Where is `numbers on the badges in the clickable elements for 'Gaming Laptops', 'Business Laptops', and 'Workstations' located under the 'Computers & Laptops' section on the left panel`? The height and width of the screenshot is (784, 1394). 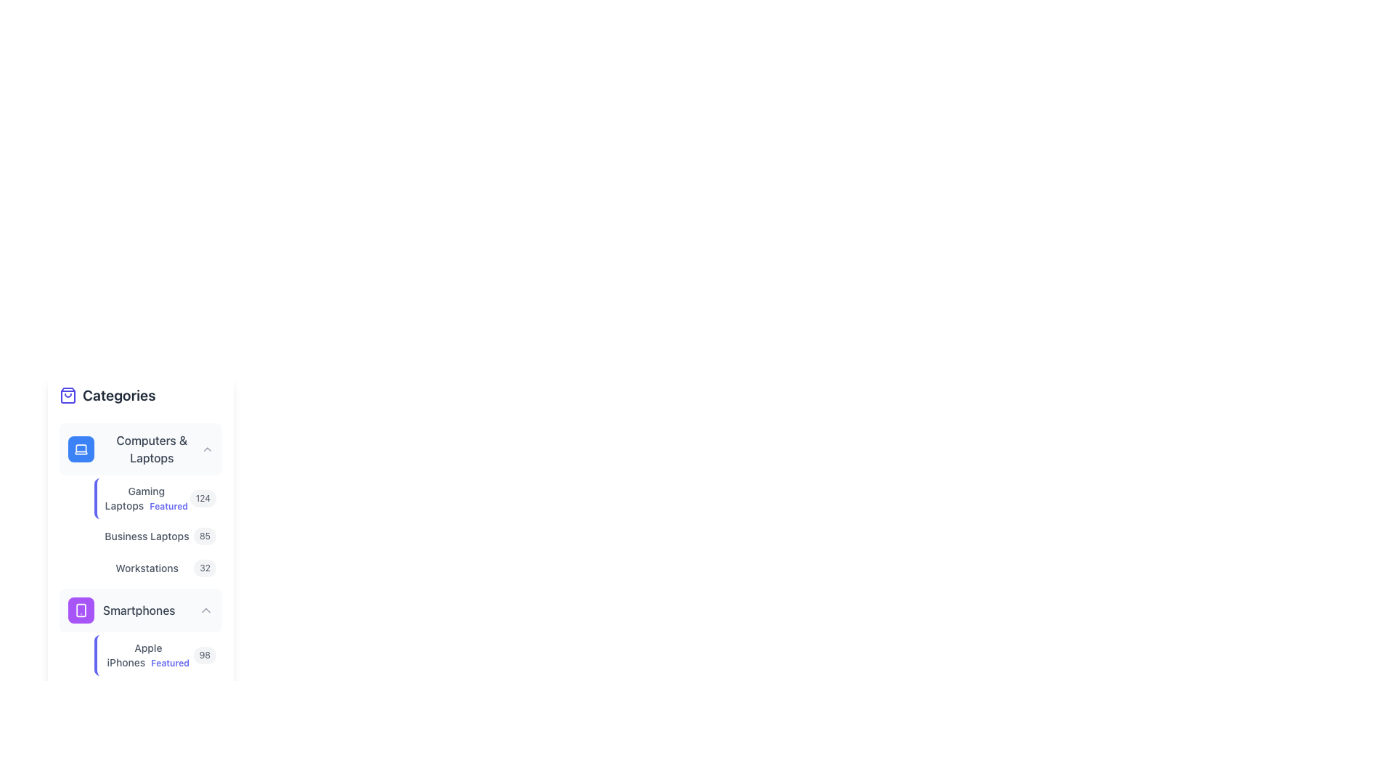
numbers on the badges in the clickable elements for 'Gaming Laptops', 'Business Laptops', and 'Workstations' located under the 'Computers & Laptops' section on the left panel is located at coordinates (158, 531).